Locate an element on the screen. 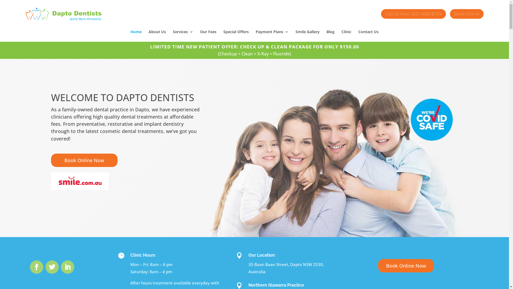  'Contact Us' is located at coordinates (368, 36).